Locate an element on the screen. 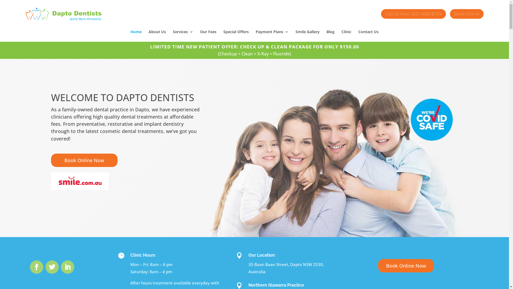  'Contact Us' is located at coordinates (368, 36).